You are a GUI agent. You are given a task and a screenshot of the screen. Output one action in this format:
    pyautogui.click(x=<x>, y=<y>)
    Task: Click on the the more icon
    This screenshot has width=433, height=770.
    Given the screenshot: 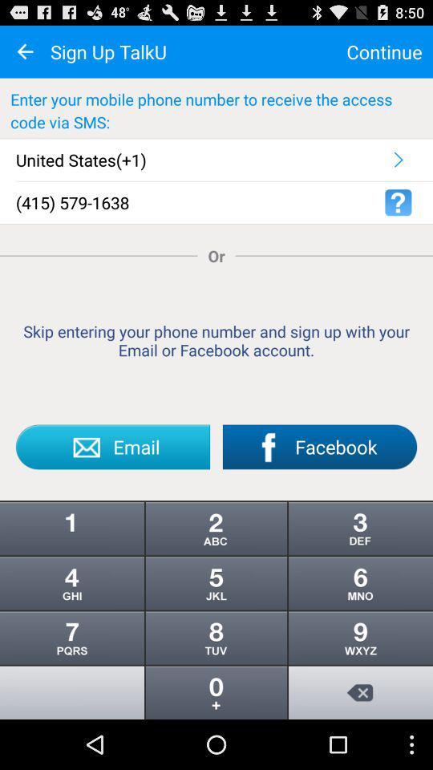 What is the action you would take?
    pyautogui.click(x=360, y=623)
    